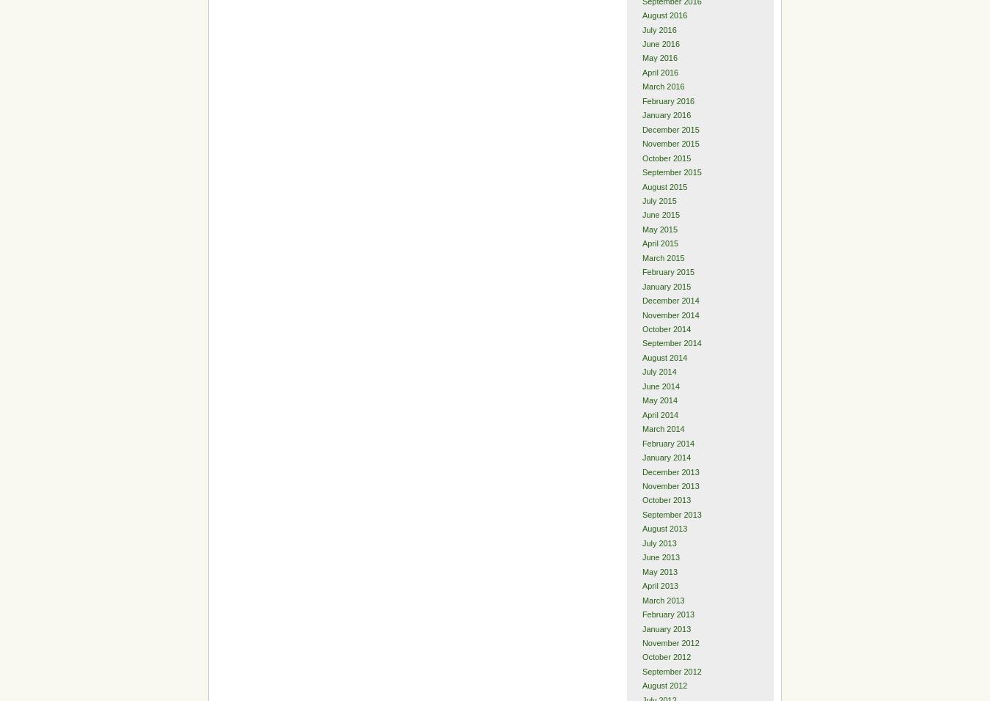  What do you see at coordinates (670, 172) in the screenshot?
I see `'September 2015'` at bounding box center [670, 172].